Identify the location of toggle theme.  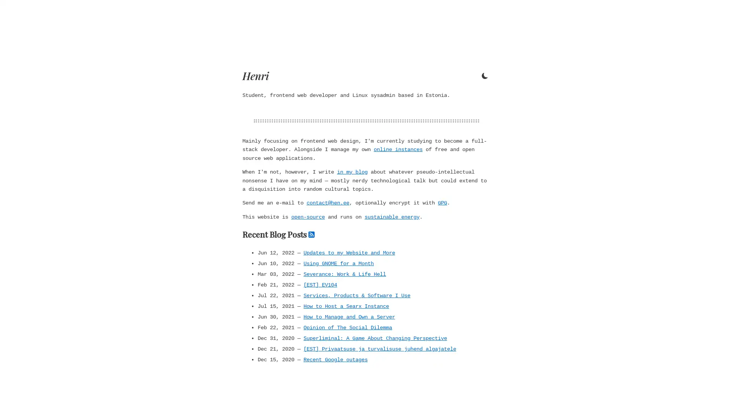
(484, 76).